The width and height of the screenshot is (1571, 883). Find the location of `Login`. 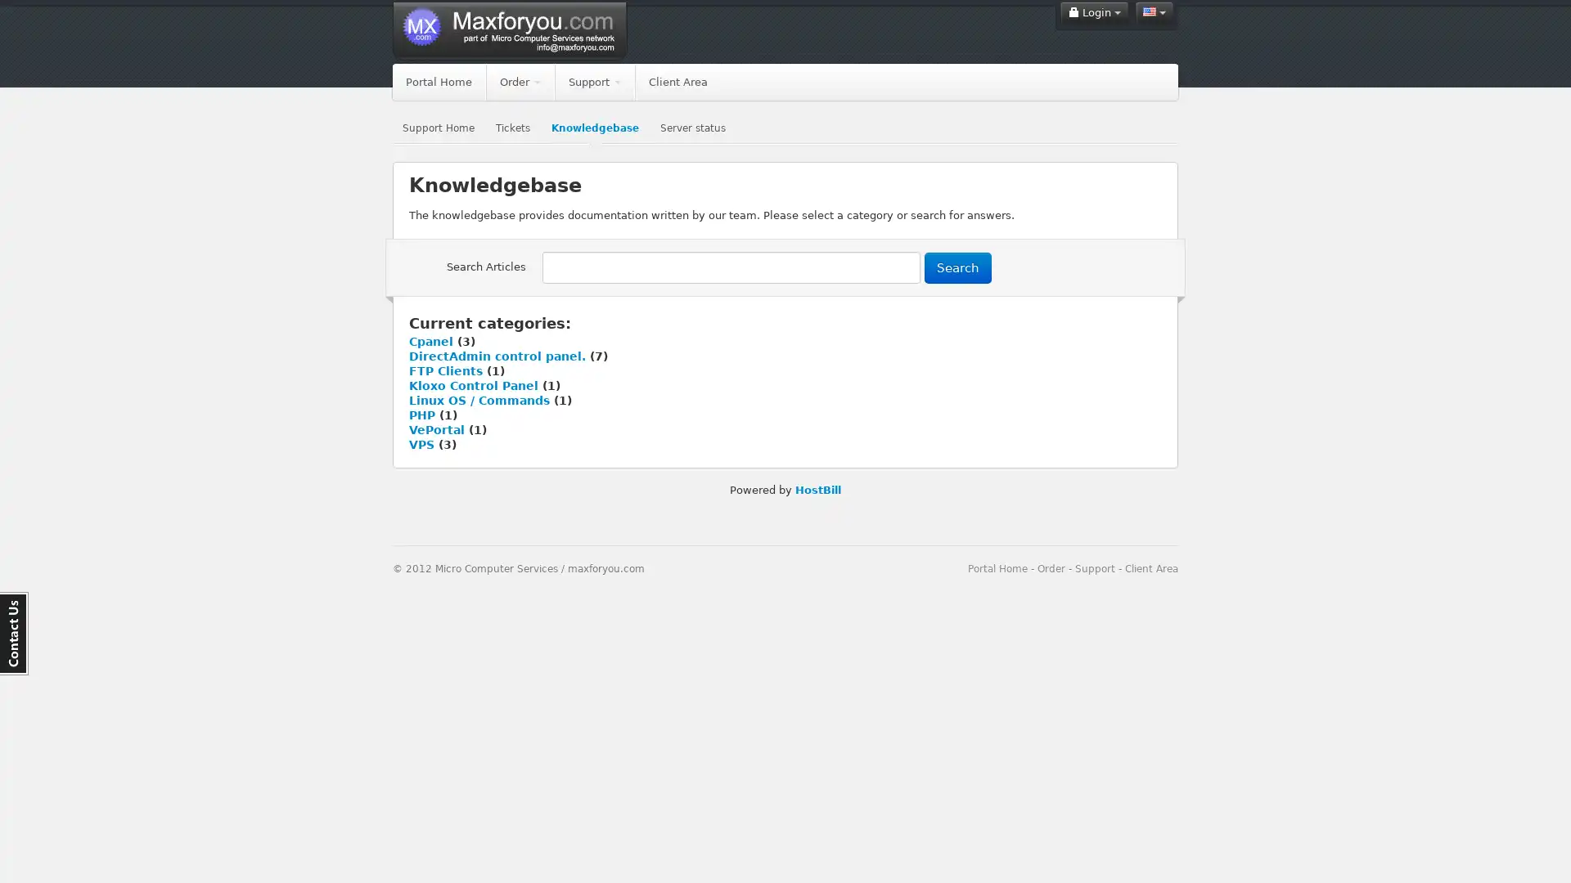

Login is located at coordinates (1094, 12).